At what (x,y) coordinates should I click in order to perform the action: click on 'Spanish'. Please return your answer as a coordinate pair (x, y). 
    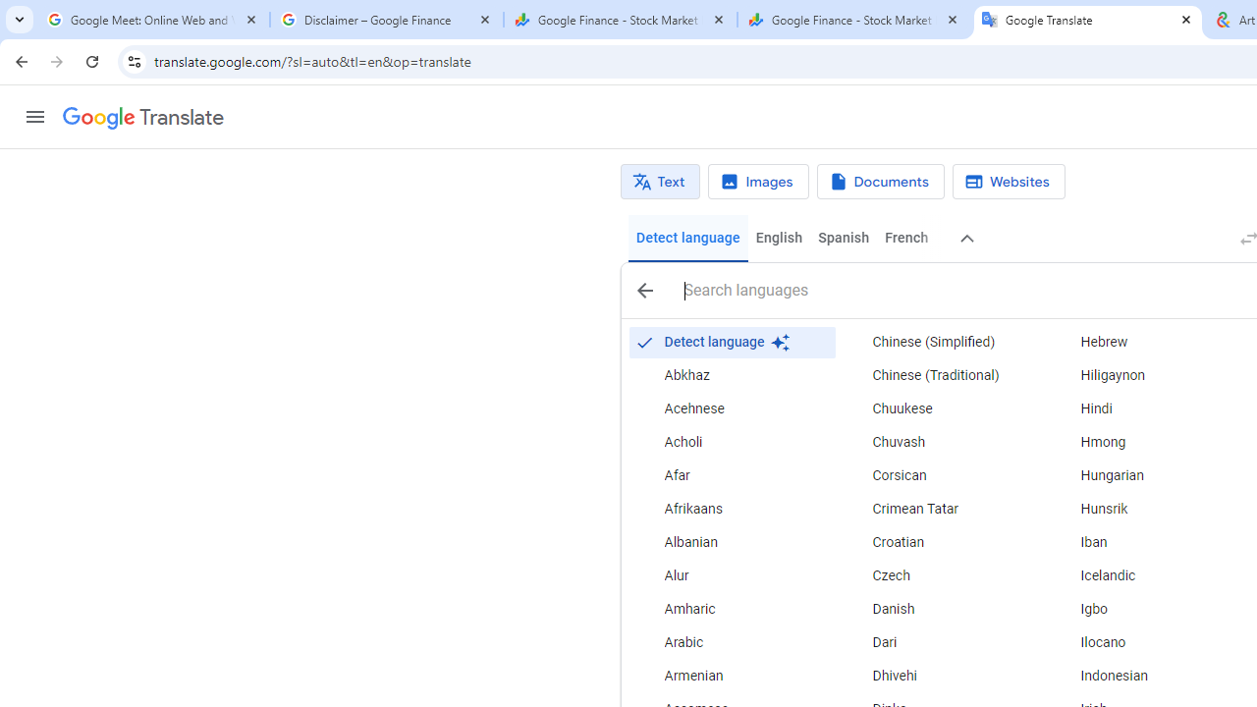
    Looking at the image, I should click on (843, 238).